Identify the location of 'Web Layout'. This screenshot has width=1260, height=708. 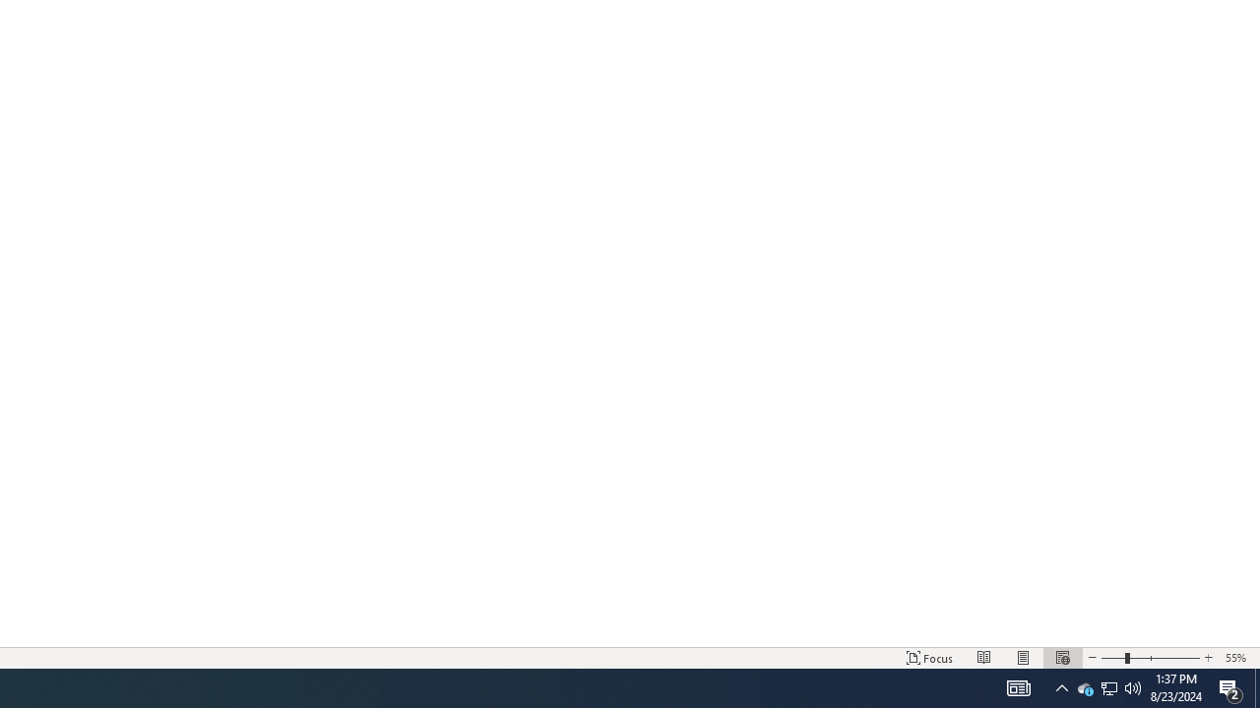
(1061, 658).